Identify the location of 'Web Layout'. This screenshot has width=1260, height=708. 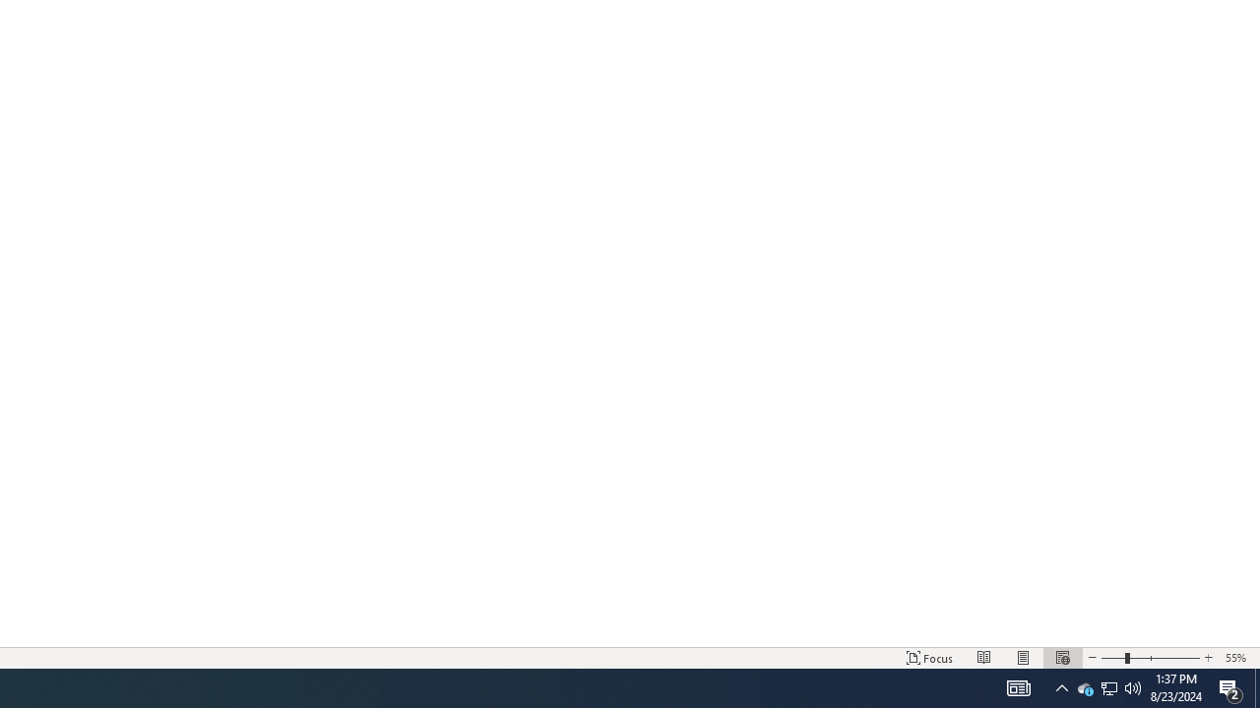
(1061, 658).